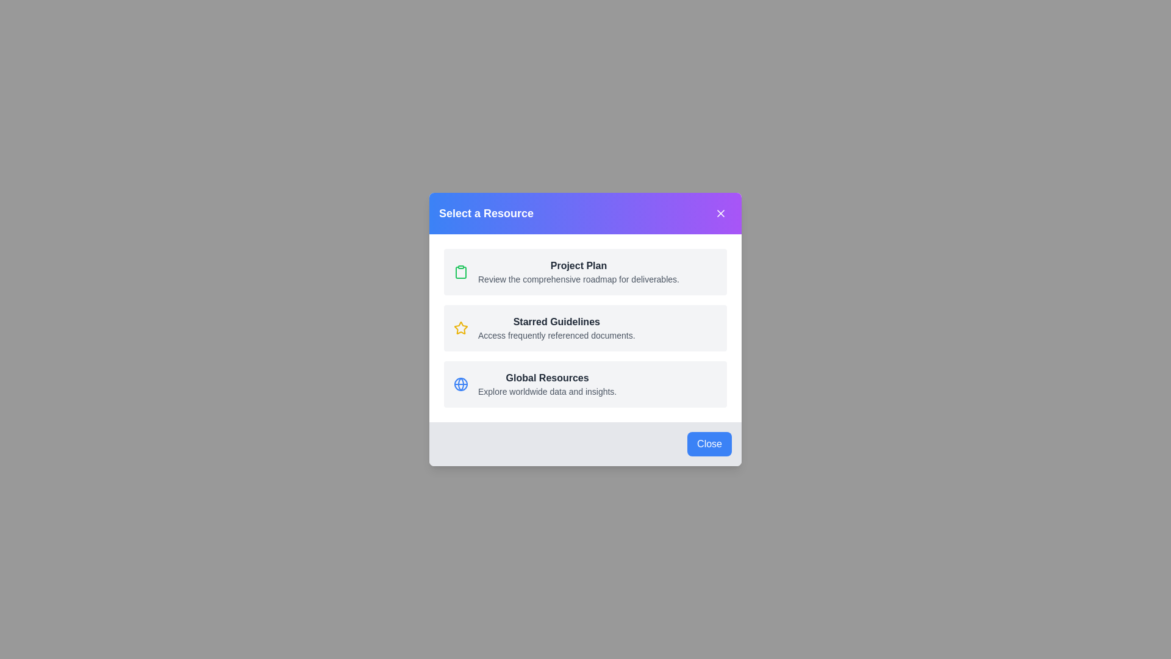  What do you see at coordinates (460, 272) in the screenshot?
I see `the icon for Project Plan` at bounding box center [460, 272].